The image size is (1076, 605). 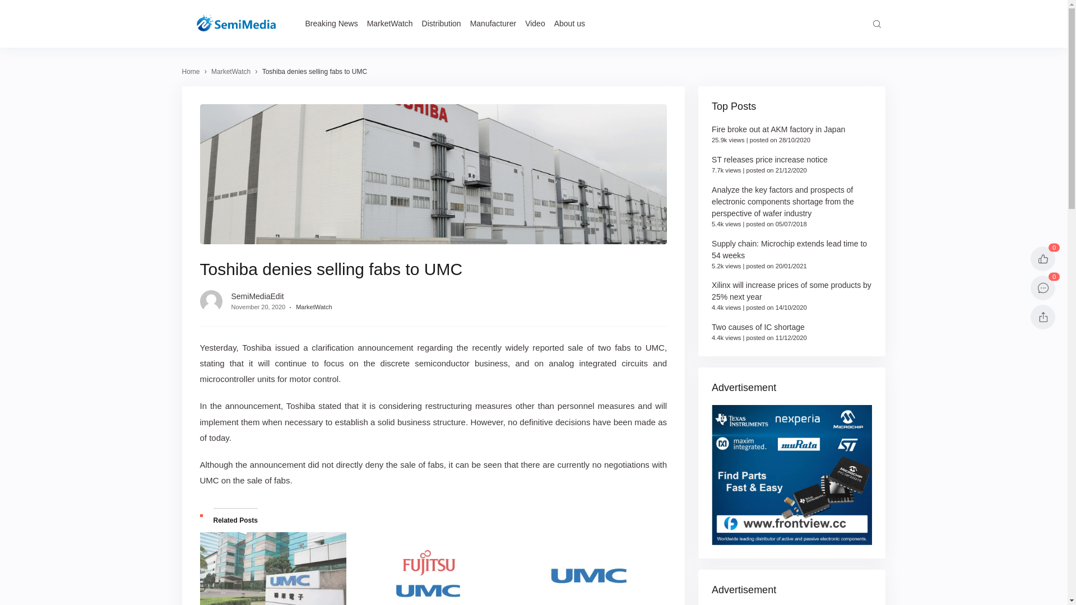 I want to click on '0', so click(x=1042, y=287).